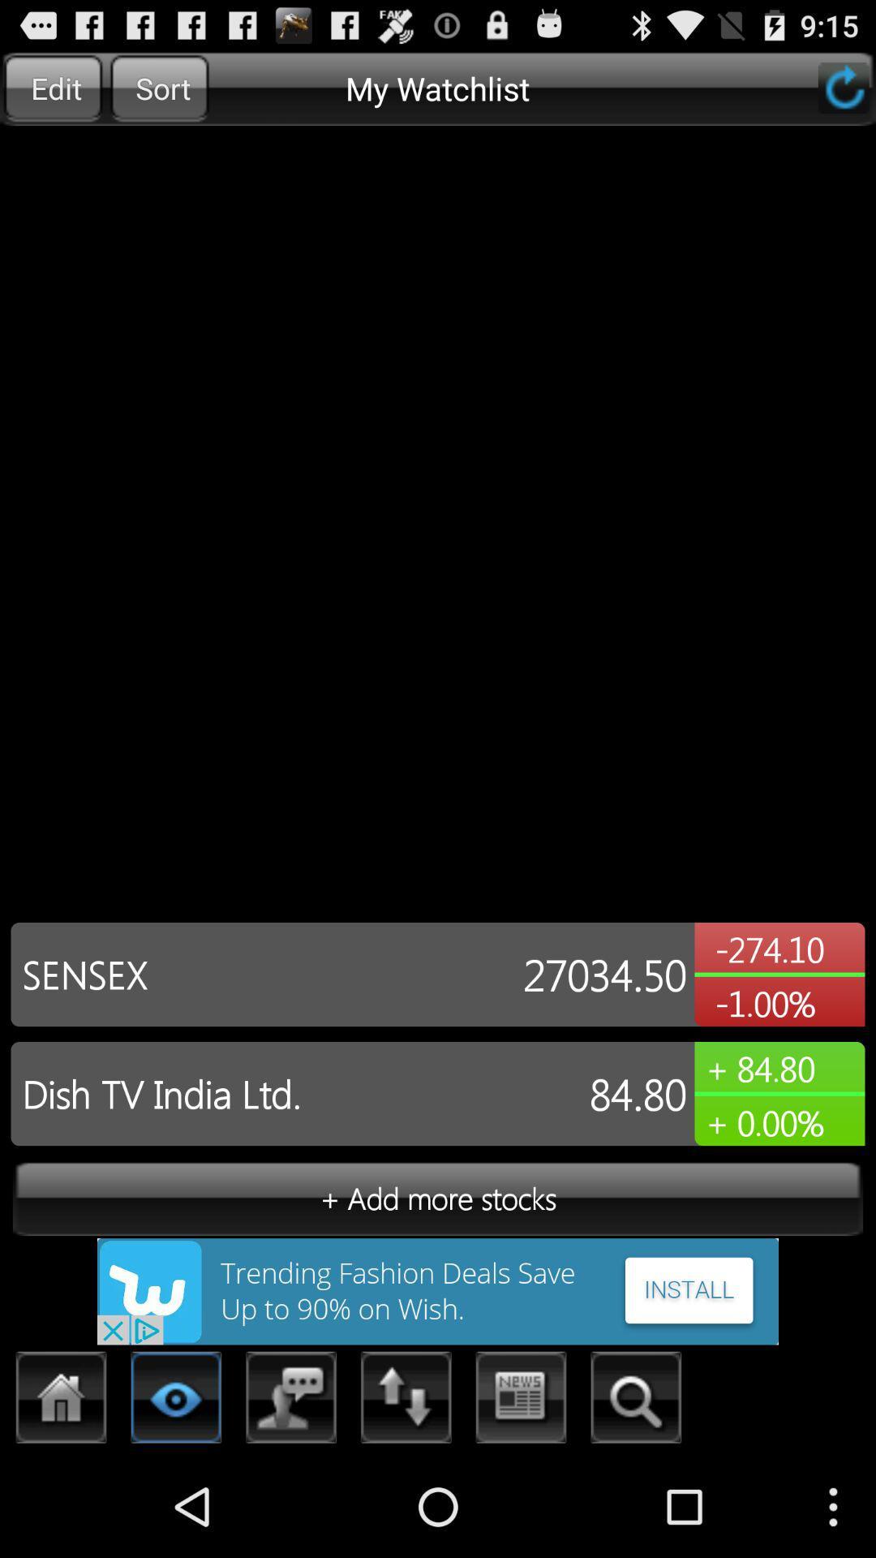 The image size is (876, 1558). What do you see at coordinates (522, 1401) in the screenshot?
I see `access the news` at bounding box center [522, 1401].